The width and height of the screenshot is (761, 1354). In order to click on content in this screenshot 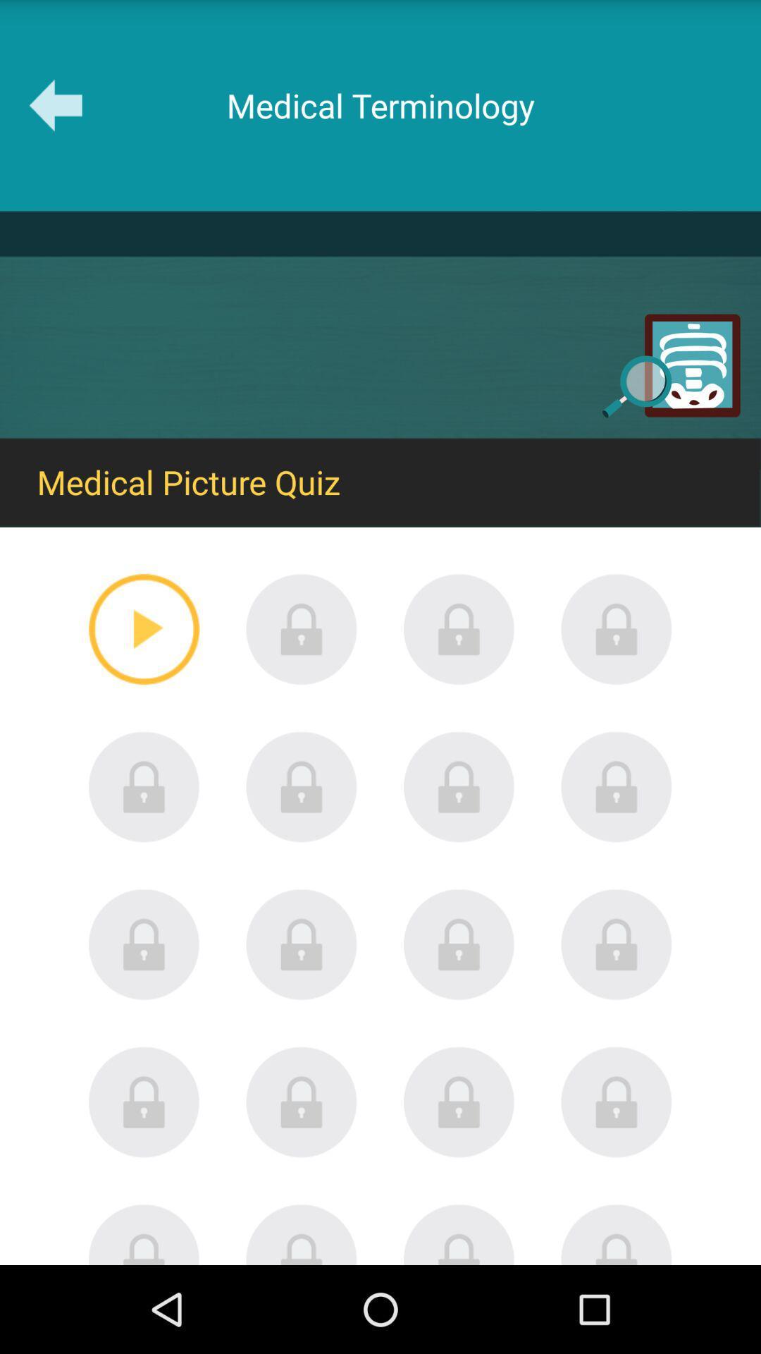, I will do `click(144, 786)`.